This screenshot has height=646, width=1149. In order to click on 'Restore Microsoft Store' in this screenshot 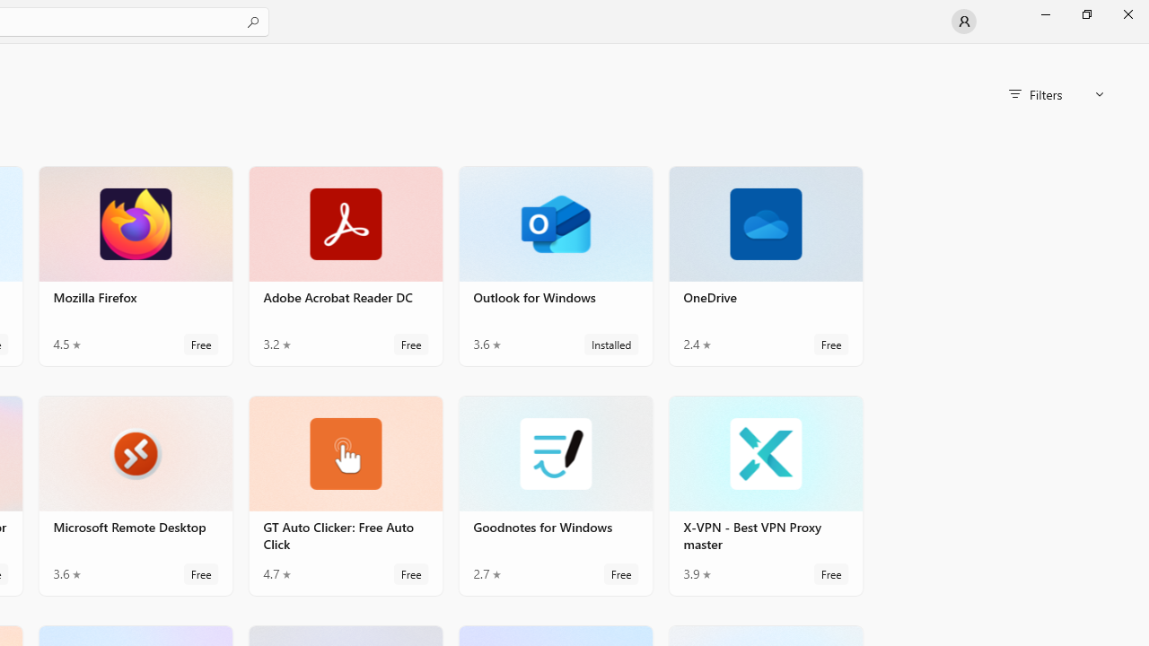, I will do `click(1085, 13)`.